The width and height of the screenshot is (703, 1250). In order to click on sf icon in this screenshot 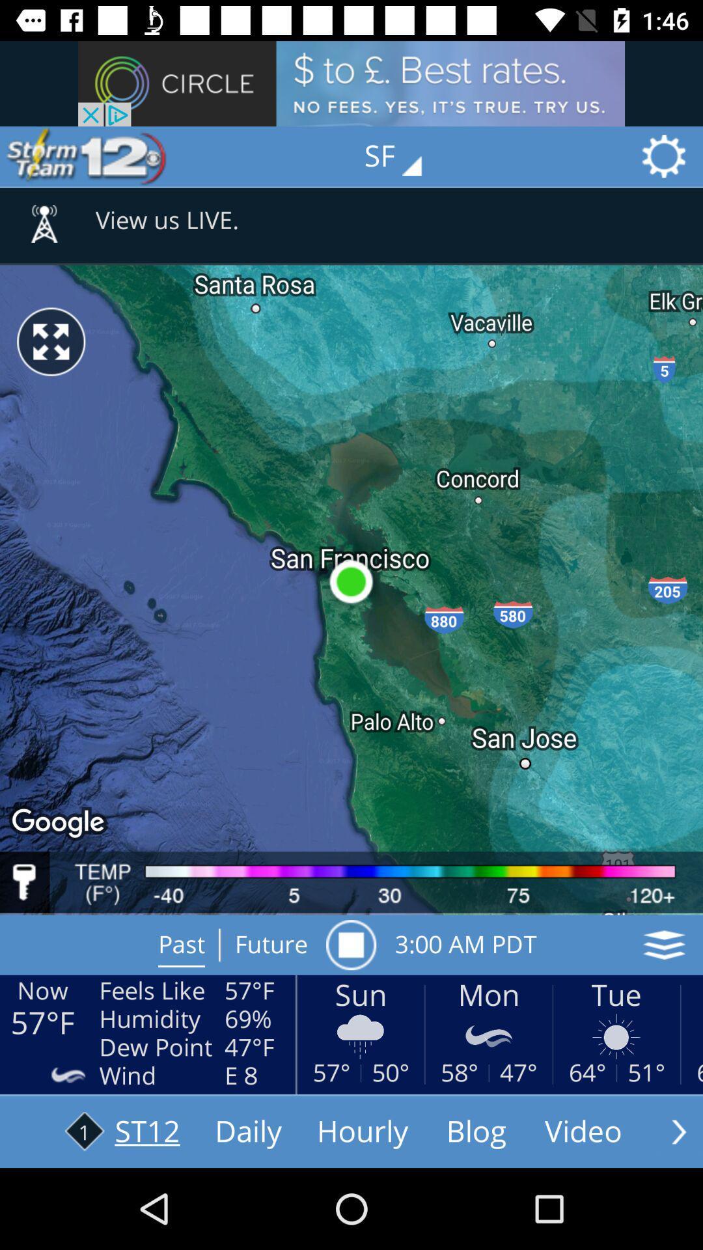, I will do `click(402, 156)`.